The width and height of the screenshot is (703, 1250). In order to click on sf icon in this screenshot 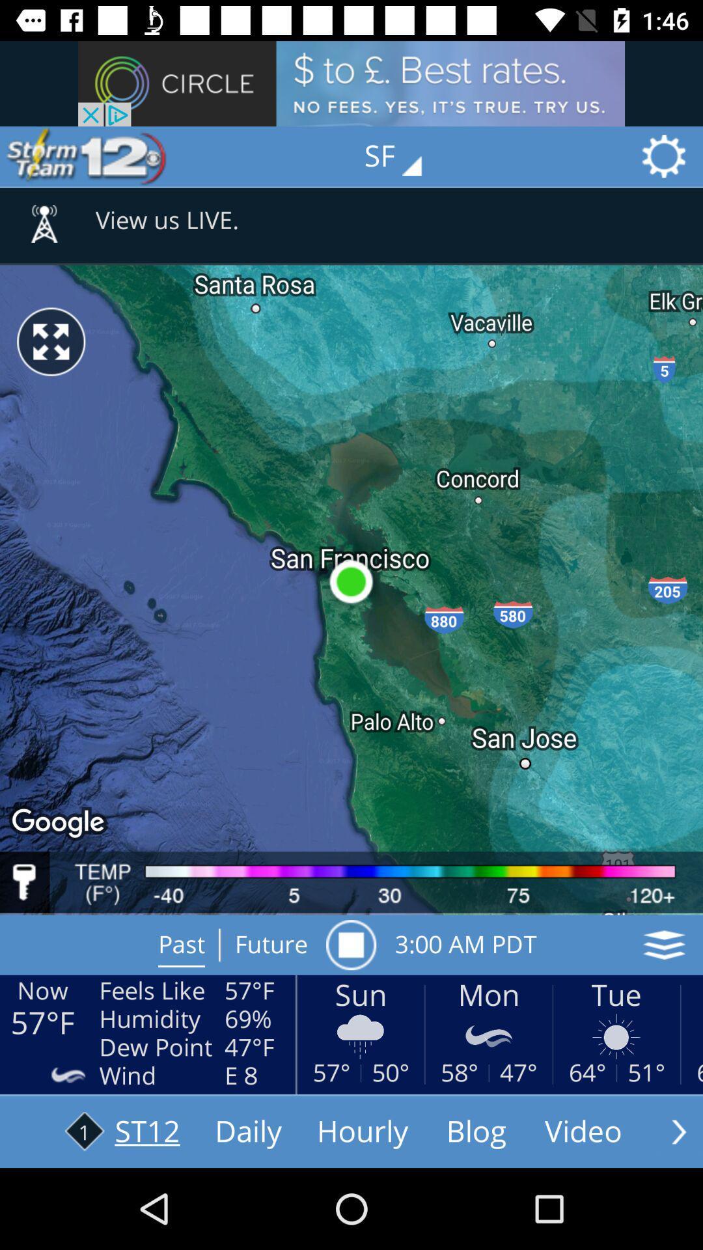, I will do `click(402, 156)`.